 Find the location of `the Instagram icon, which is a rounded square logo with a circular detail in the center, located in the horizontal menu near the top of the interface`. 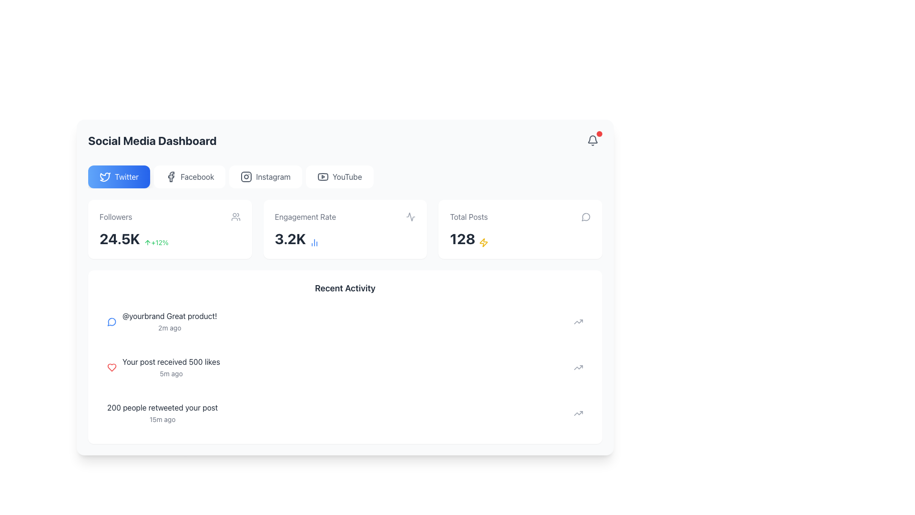

the Instagram icon, which is a rounded square logo with a circular detail in the center, located in the horizontal menu near the top of the interface is located at coordinates (246, 176).